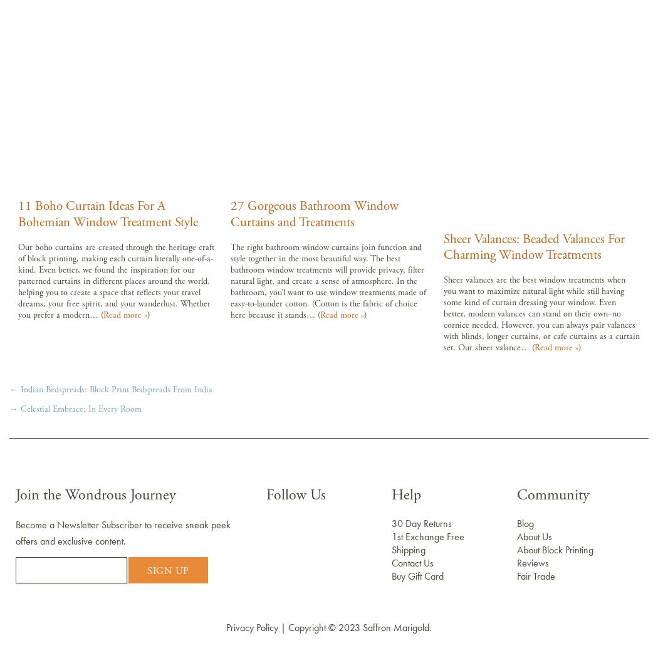 This screenshot has width=658, height=663. What do you see at coordinates (391, 495) in the screenshot?
I see `'Help'` at bounding box center [391, 495].